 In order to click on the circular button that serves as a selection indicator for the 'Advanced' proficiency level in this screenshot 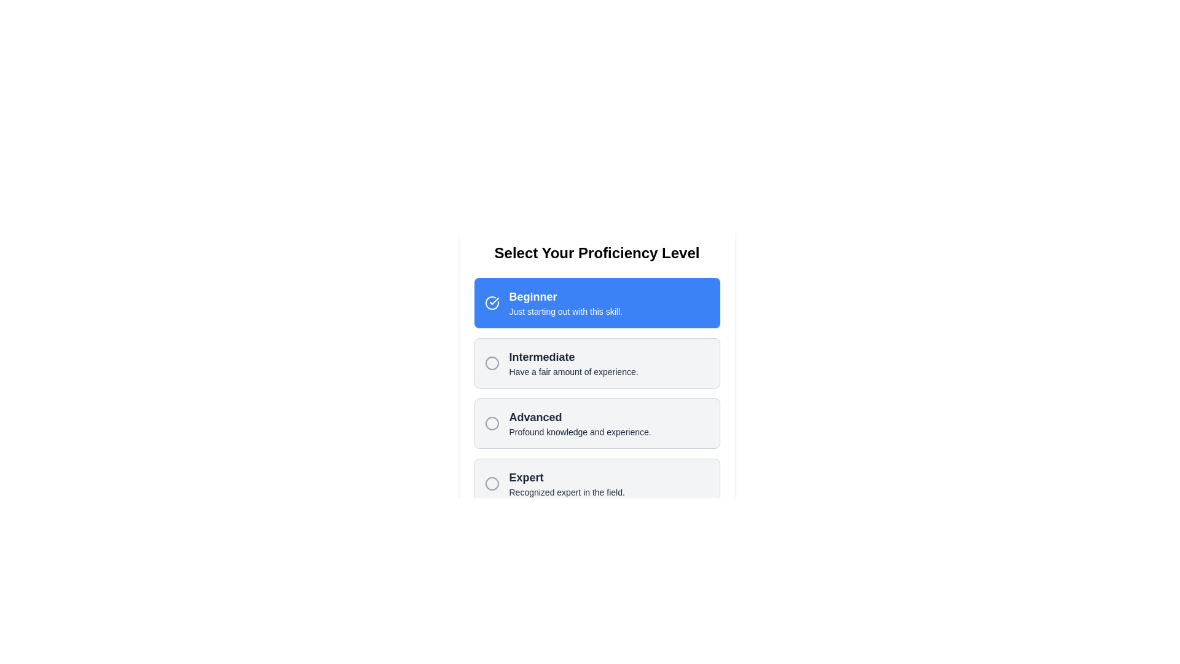, I will do `click(492, 423)`.